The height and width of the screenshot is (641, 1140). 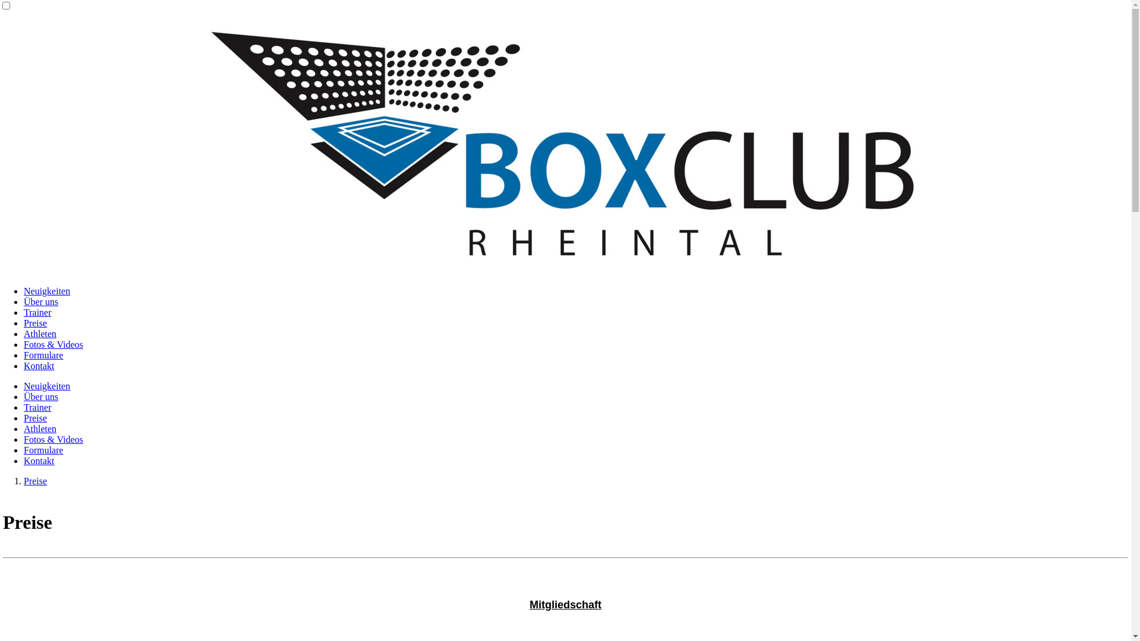 What do you see at coordinates (43, 450) in the screenshot?
I see `'Formulare'` at bounding box center [43, 450].